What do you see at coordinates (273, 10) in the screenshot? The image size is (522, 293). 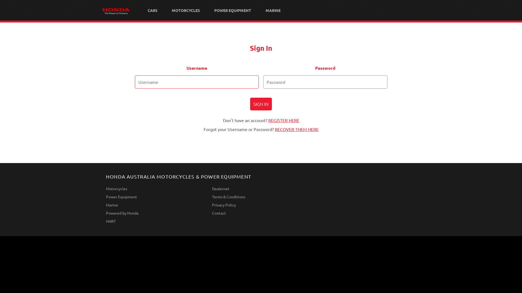 I see `'MARINE'` at bounding box center [273, 10].